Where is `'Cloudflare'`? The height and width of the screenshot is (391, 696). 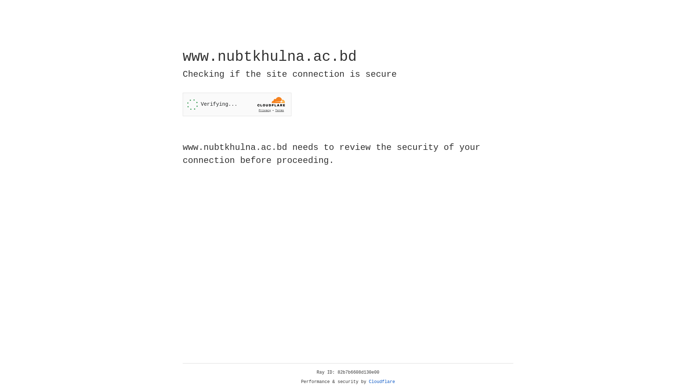
'Cloudflare' is located at coordinates (382, 382).